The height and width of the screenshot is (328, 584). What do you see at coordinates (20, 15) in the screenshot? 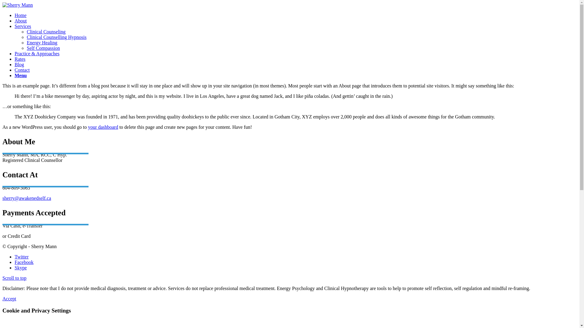
I see `'Home'` at bounding box center [20, 15].